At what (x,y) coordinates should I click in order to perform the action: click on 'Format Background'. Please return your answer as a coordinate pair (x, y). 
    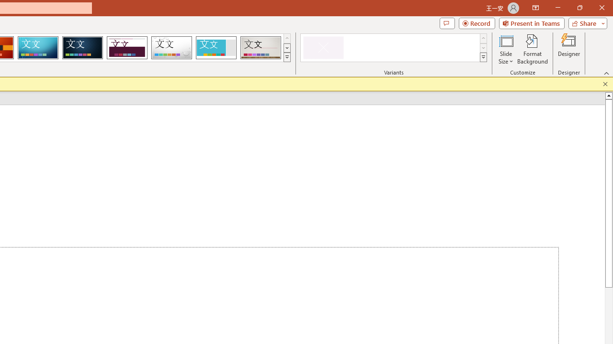
    Looking at the image, I should click on (532, 49).